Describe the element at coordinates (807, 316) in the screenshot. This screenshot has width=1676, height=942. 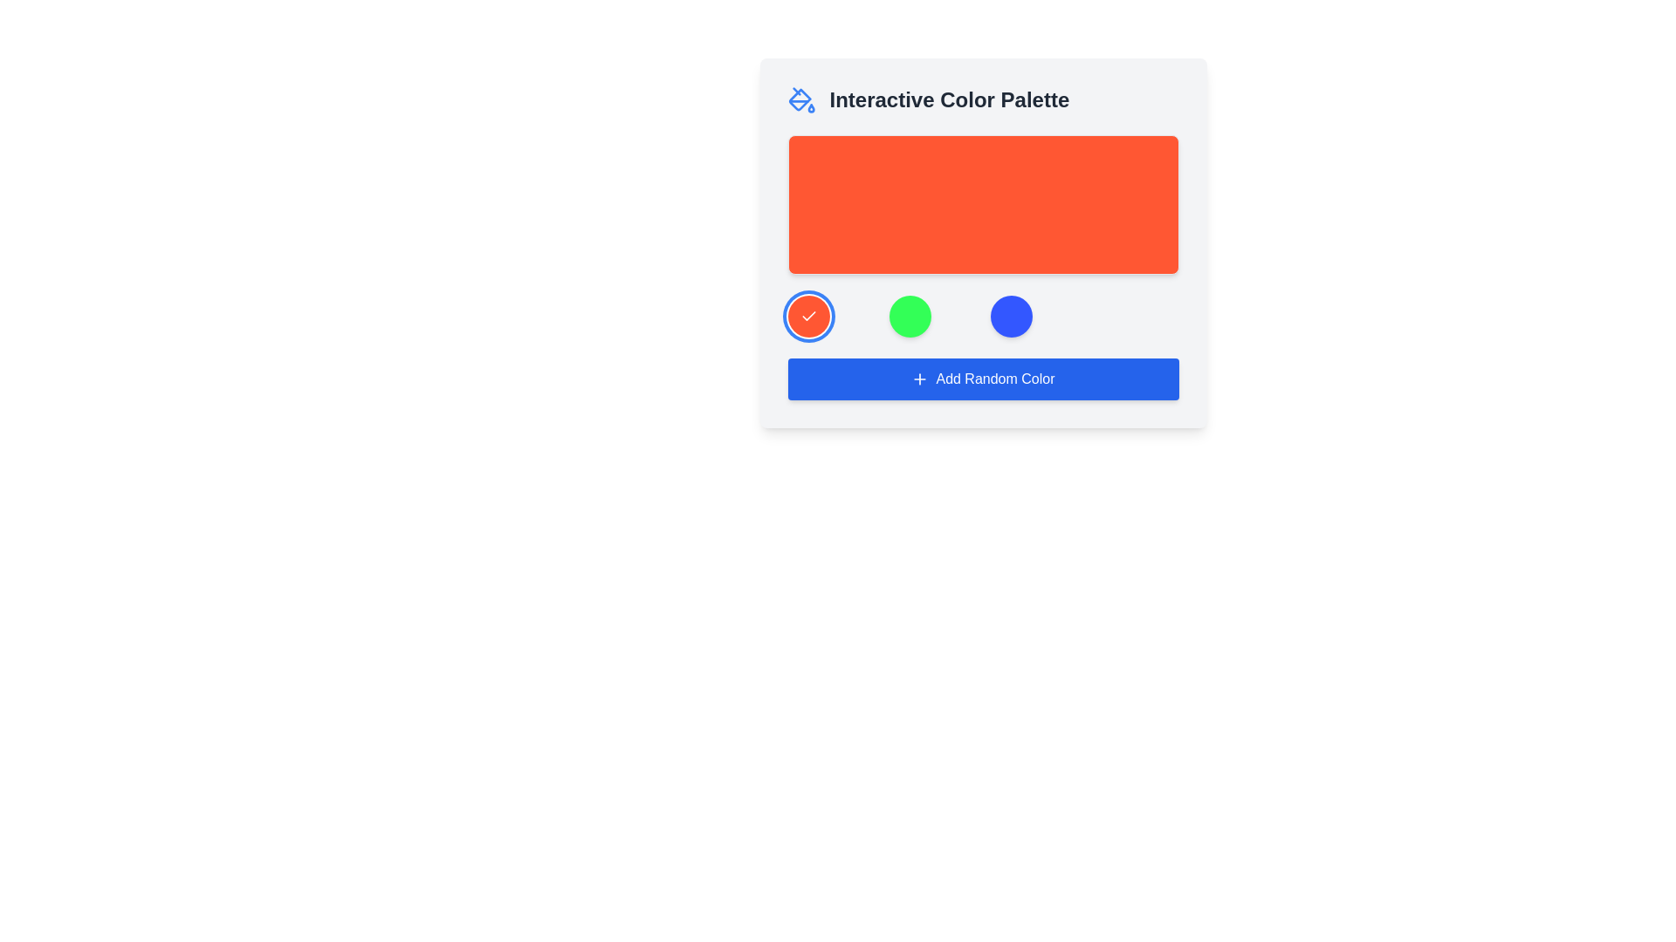
I see `the checkmark icon within the red circular button located on the leftmost side of the row beneath the large red display area` at that location.